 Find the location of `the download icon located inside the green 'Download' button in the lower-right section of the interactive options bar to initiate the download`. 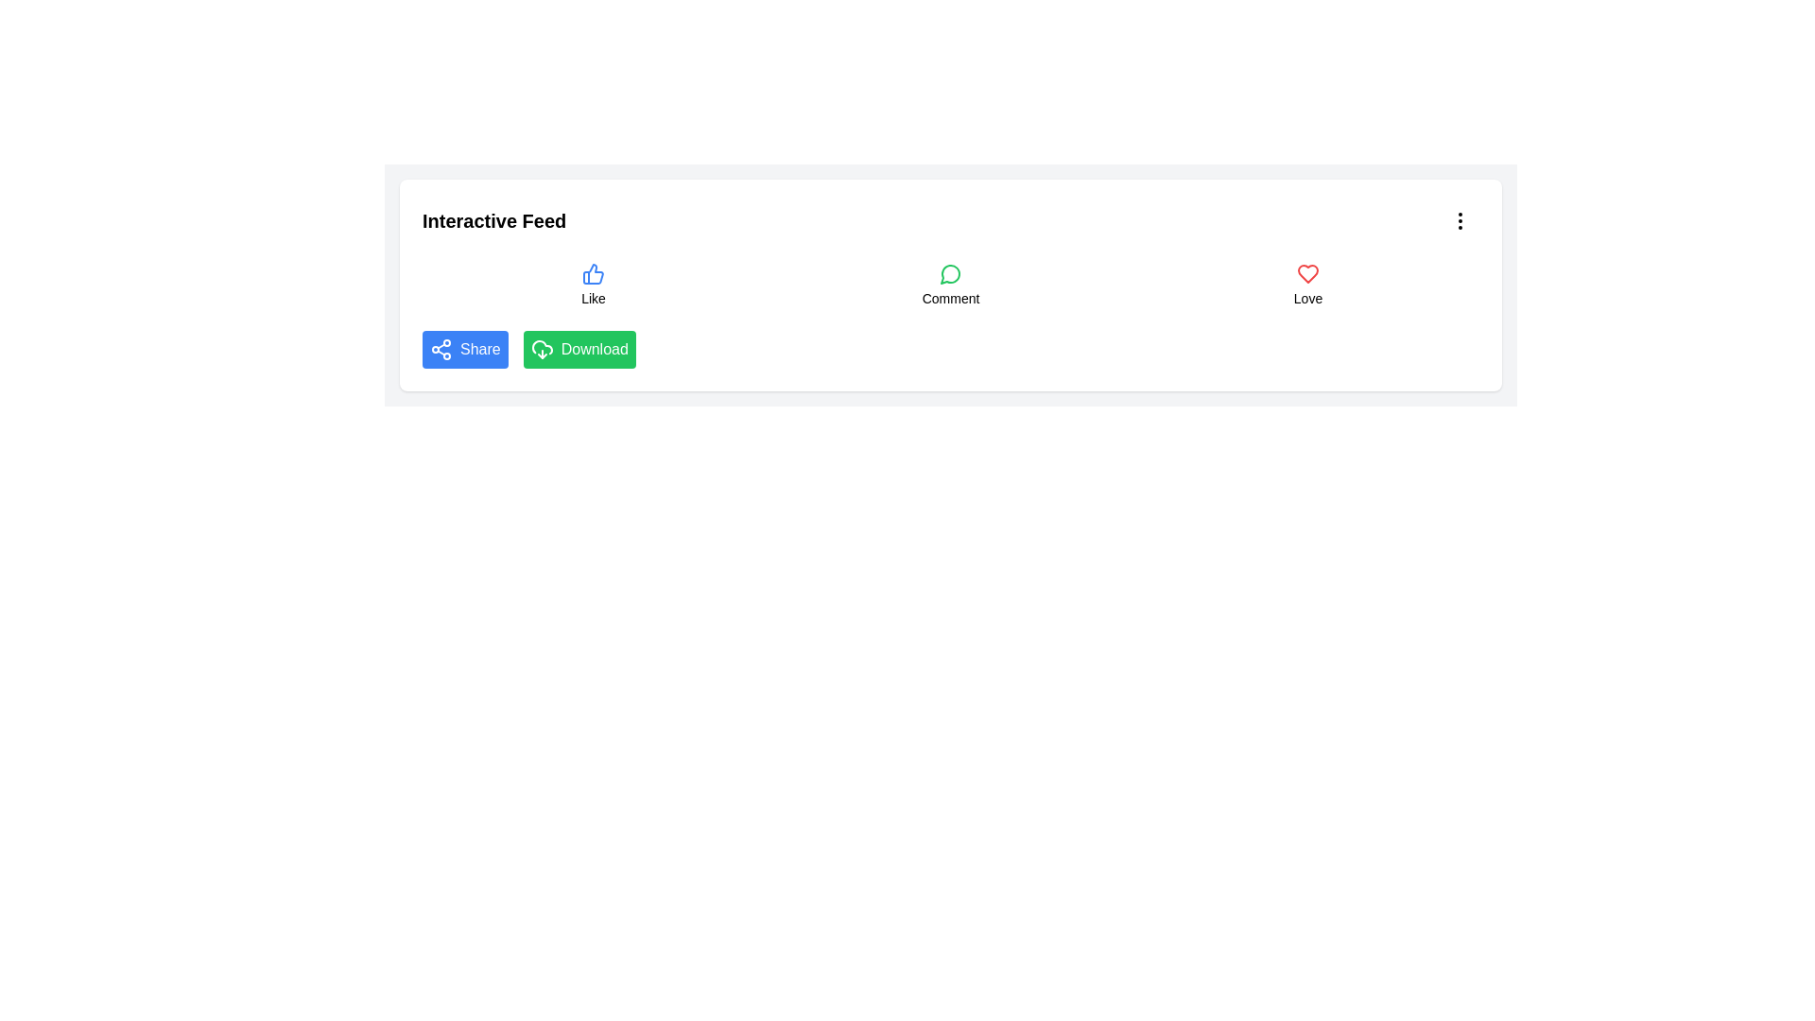

the download icon located inside the green 'Download' button in the lower-right section of the interactive options bar to initiate the download is located at coordinates (541, 350).